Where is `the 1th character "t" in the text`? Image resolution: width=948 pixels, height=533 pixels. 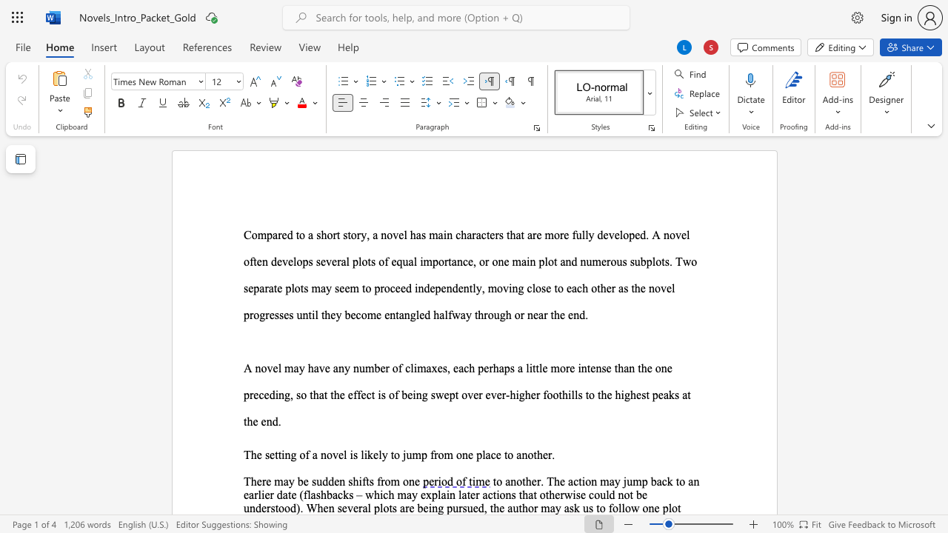
the 1th character "t" in the text is located at coordinates (276, 454).